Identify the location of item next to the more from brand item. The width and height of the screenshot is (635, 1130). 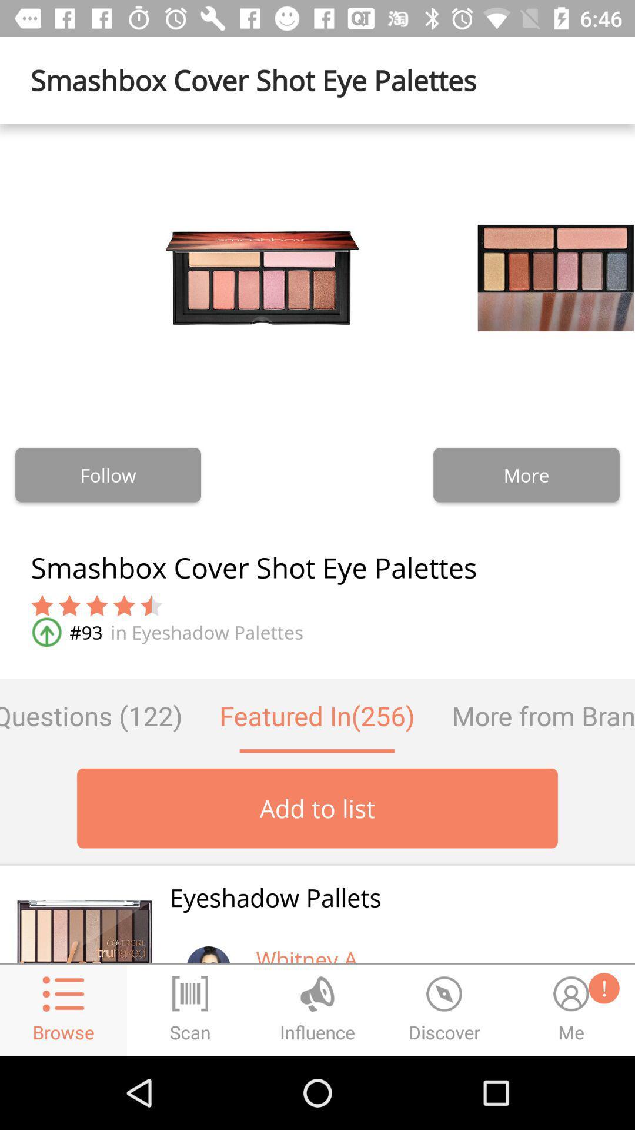
(316, 715).